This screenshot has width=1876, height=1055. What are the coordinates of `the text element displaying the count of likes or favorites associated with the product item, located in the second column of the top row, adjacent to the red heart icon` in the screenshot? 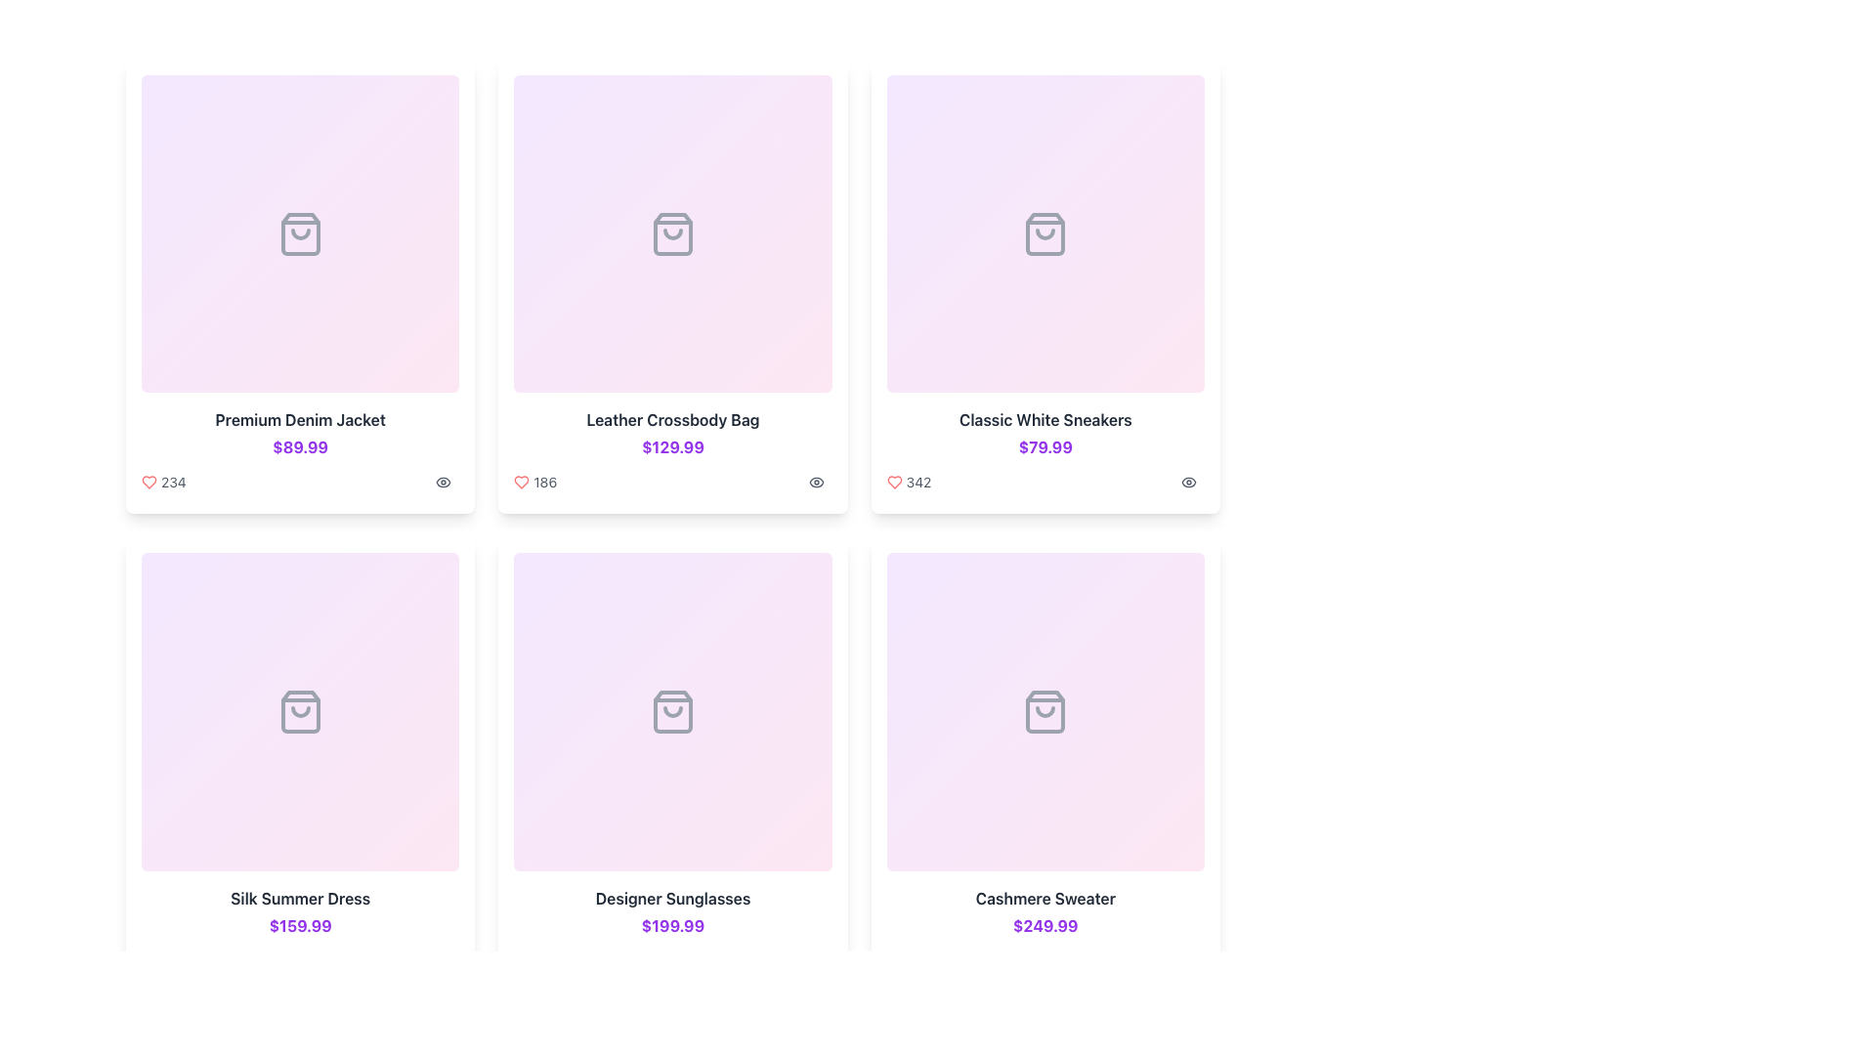 It's located at (917, 483).